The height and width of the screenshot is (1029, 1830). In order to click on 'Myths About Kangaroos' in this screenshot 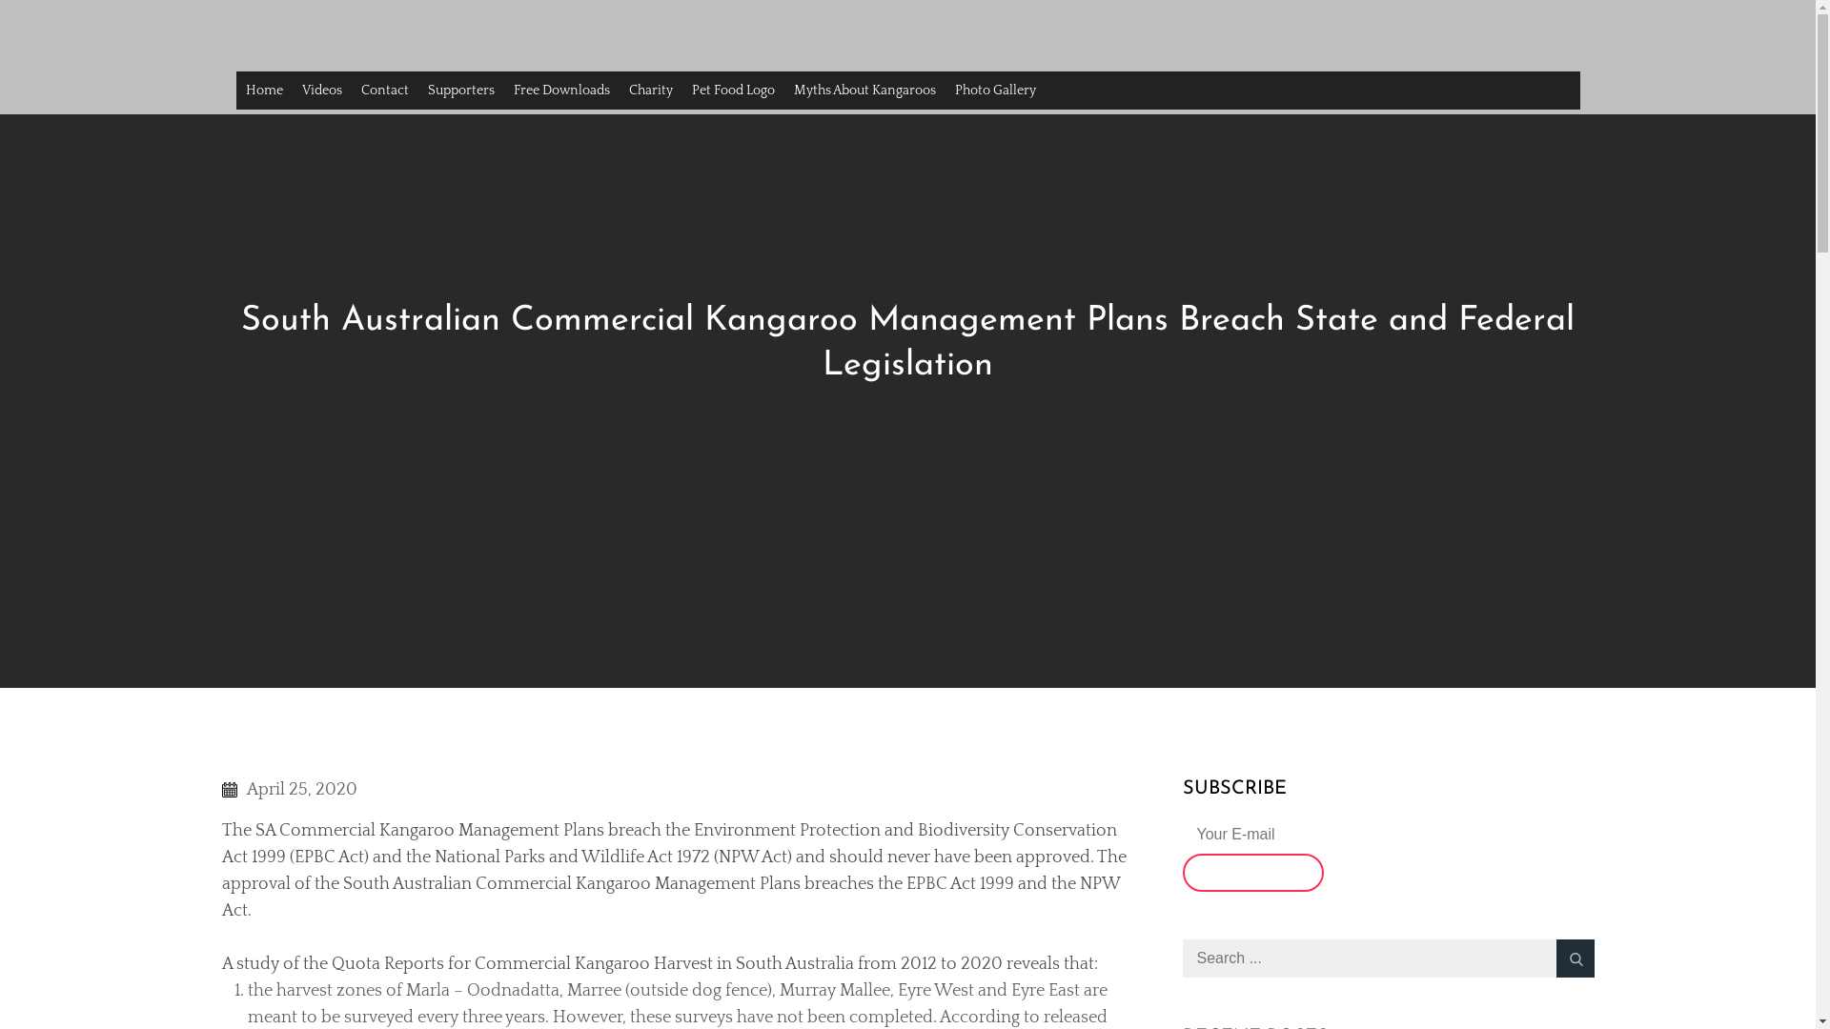, I will do `click(863, 91)`.